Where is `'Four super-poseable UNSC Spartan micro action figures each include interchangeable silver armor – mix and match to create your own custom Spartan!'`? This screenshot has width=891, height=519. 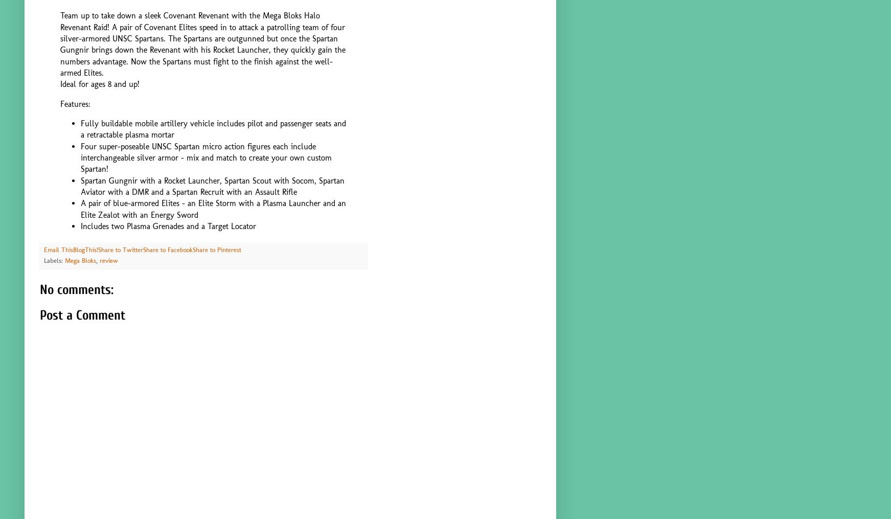
'Four super-poseable UNSC Spartan micro action figures each include interchangeable silver armor – mix and match to create your own custom Spartan!' is located at coordinates (206, 156).